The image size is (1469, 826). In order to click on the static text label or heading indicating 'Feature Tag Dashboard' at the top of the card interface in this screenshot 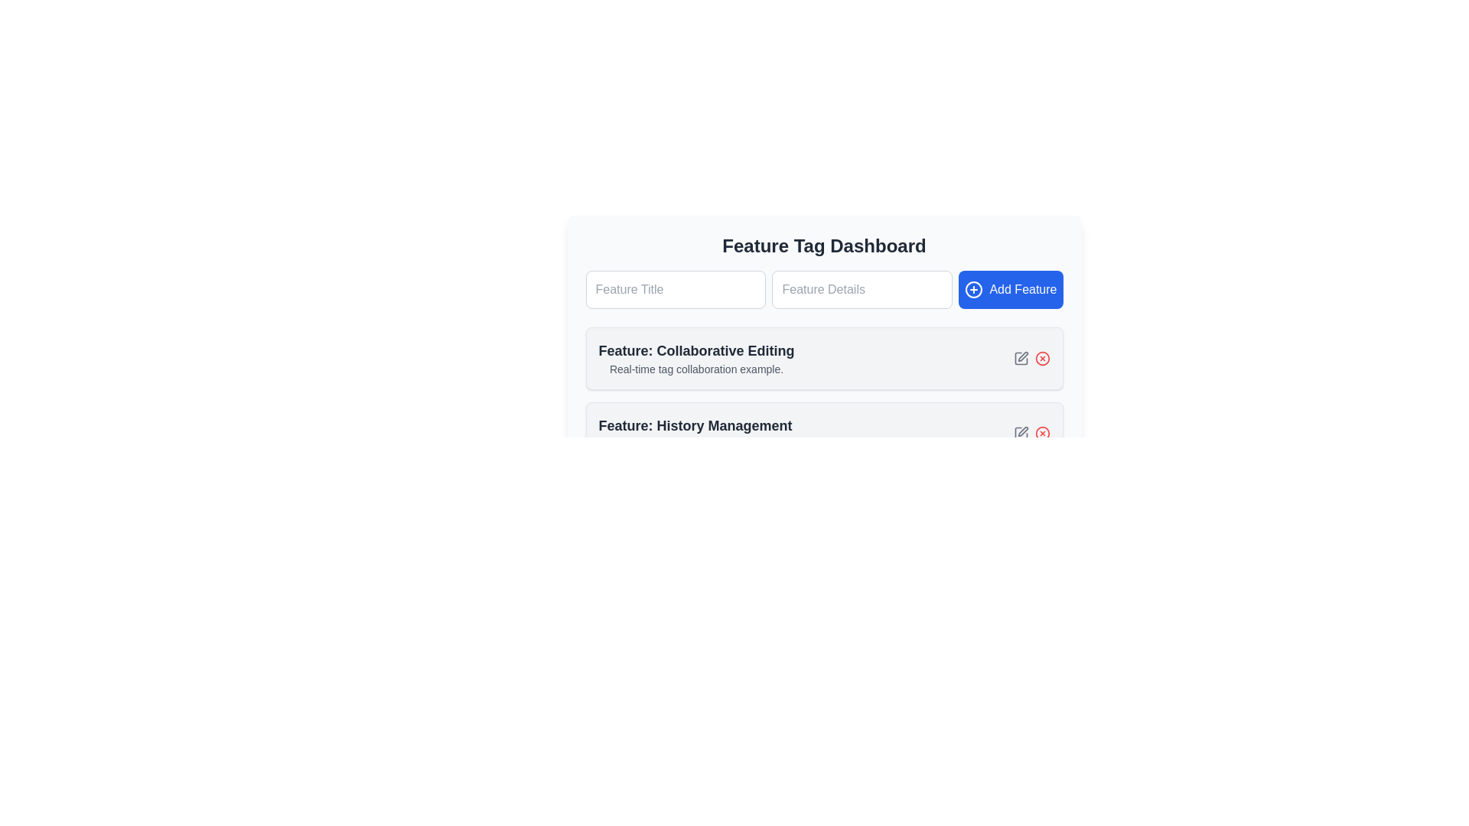, I will do `click(823, 245)`.